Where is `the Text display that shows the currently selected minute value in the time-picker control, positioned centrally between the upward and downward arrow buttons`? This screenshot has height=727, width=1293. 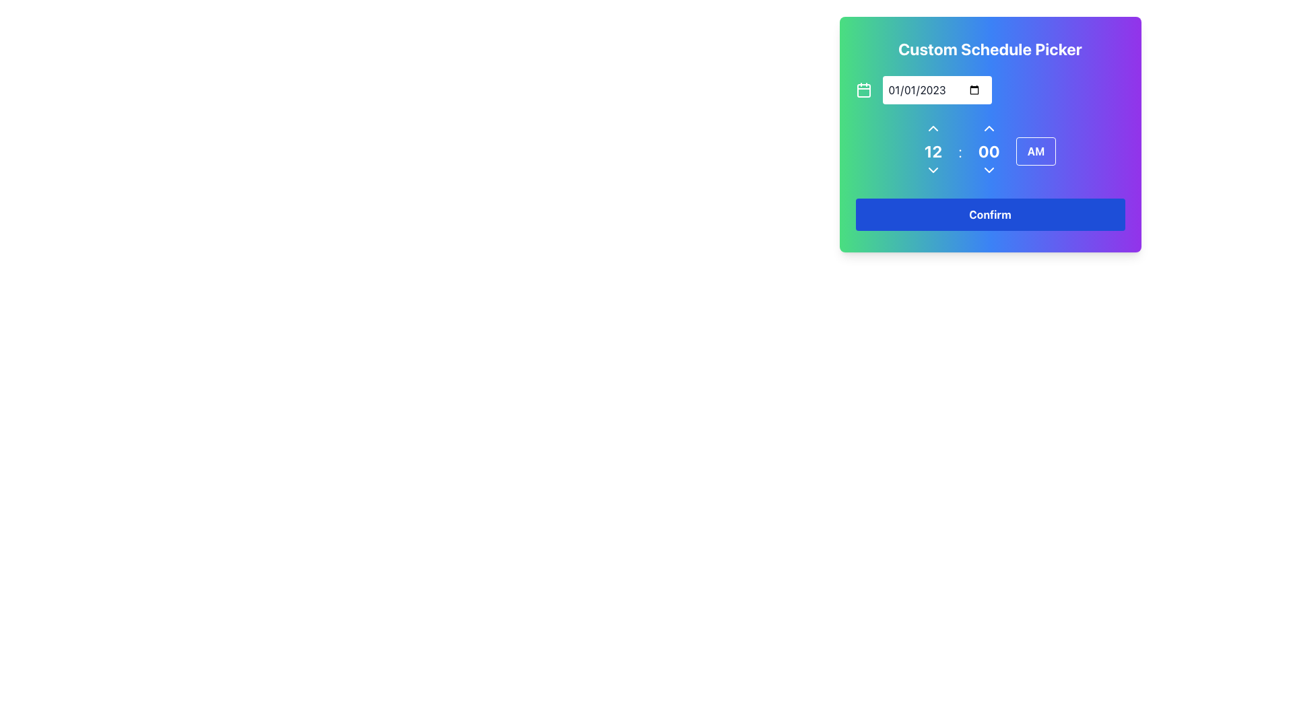
the Text display that shows the currently selected minute value in the time-picker control, positioned centrally between the upward and downward arrow buttons is located at coordinates (989, 151).